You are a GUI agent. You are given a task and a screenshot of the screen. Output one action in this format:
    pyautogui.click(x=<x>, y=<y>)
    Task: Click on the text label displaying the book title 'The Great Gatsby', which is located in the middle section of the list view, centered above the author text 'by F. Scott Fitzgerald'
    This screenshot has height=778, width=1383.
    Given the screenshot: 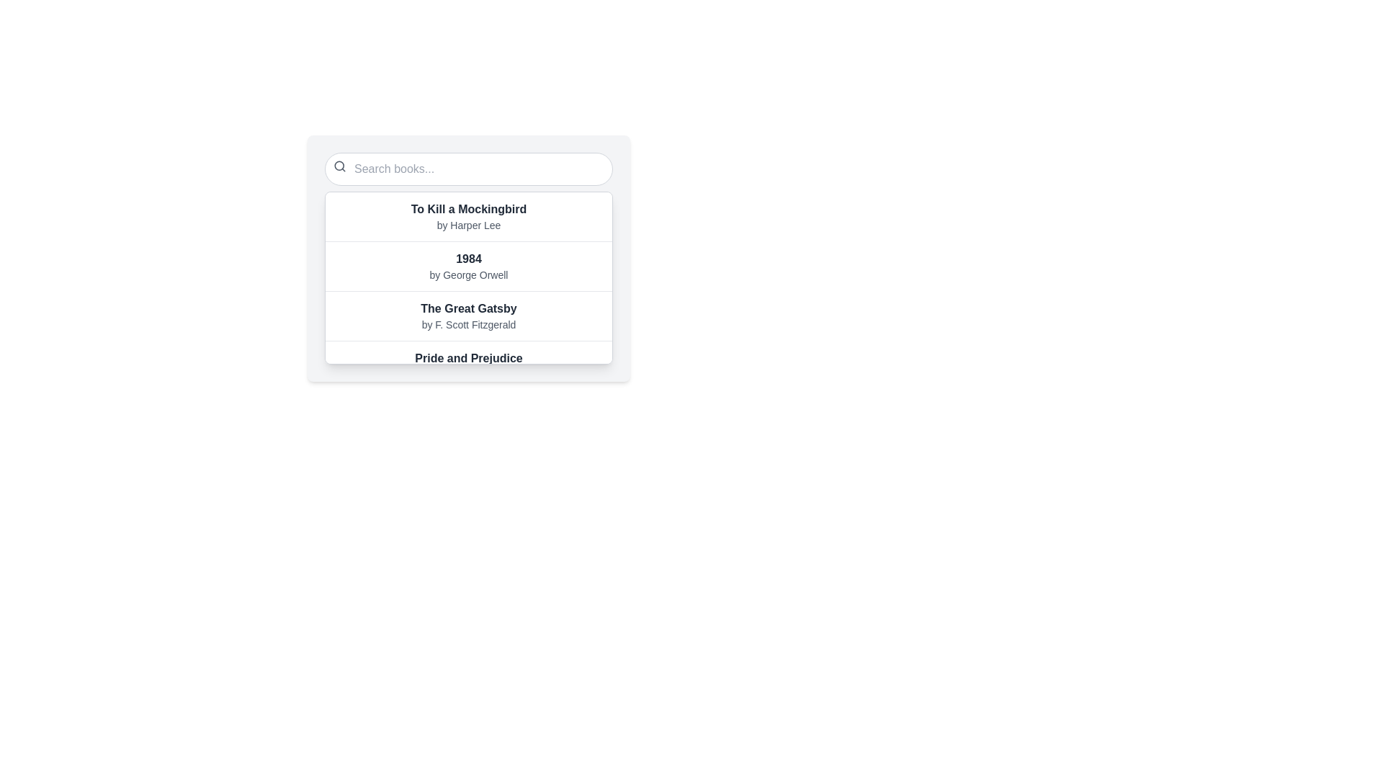 What is the action you would take?
    pyautogui.click(x=469, y=308)
    